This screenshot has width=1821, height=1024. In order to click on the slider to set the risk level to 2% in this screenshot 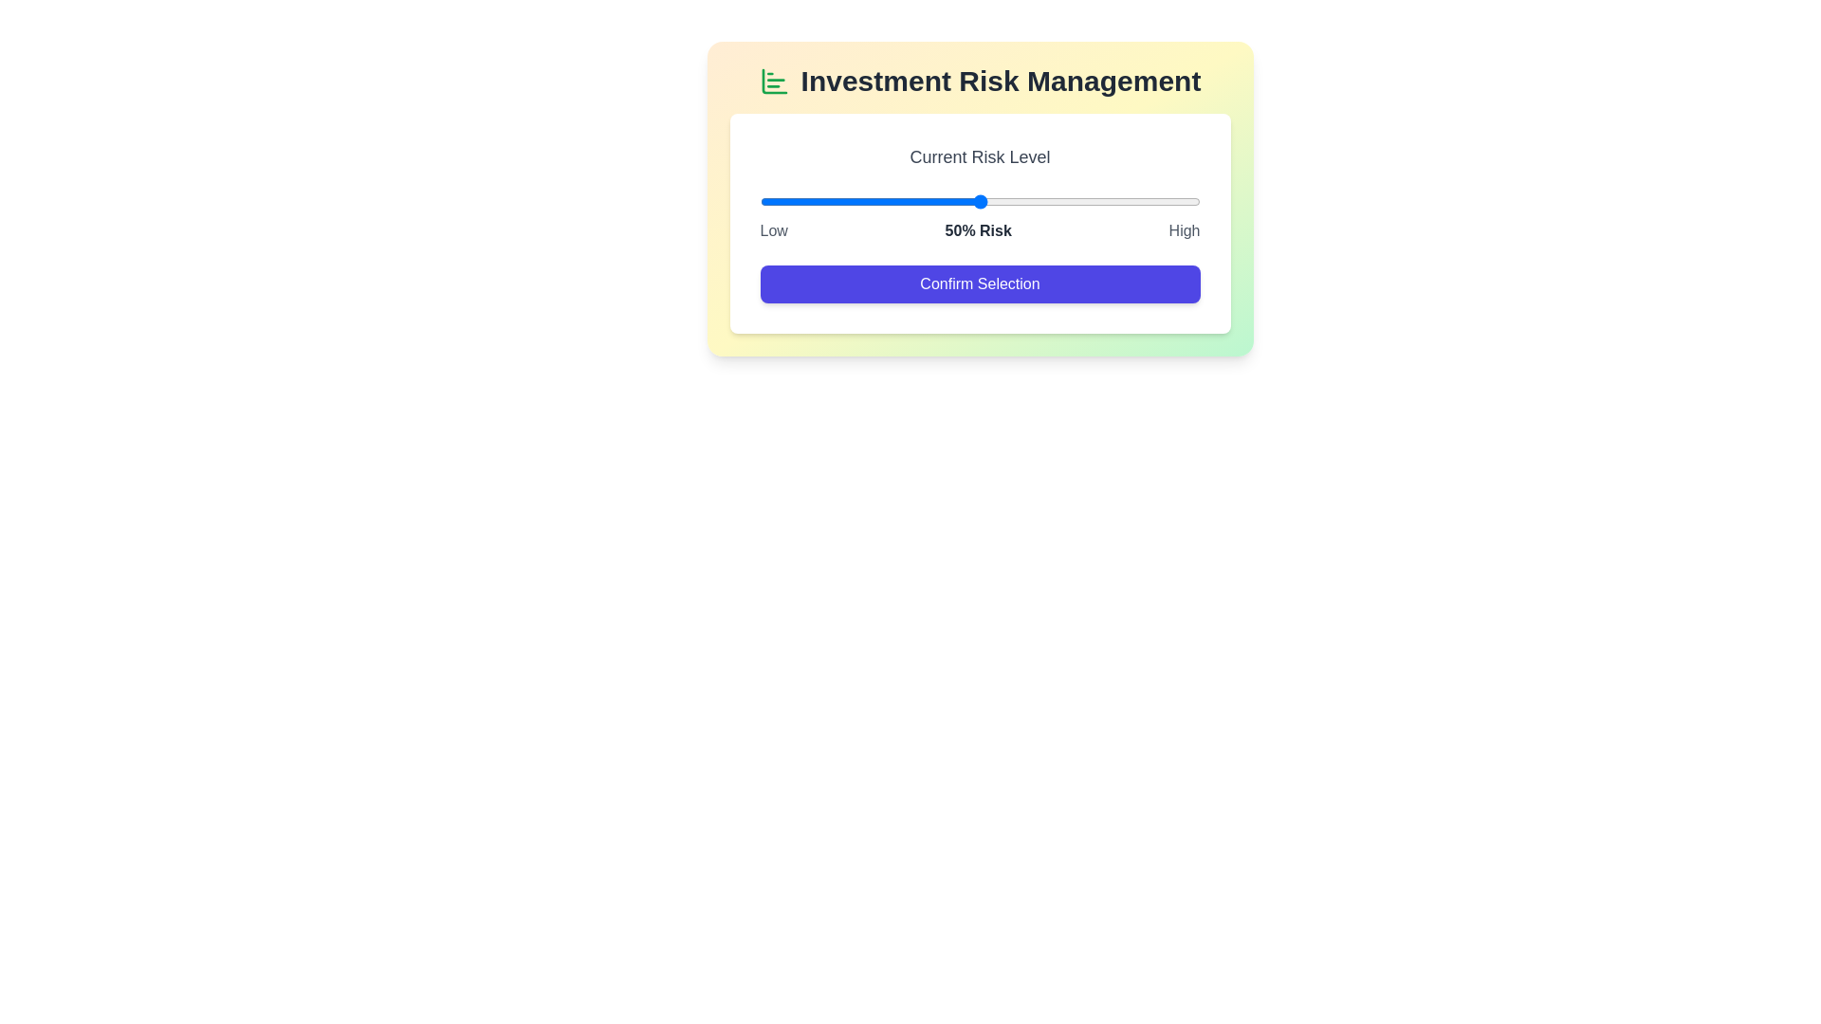, I will do `click(768, 201)`.